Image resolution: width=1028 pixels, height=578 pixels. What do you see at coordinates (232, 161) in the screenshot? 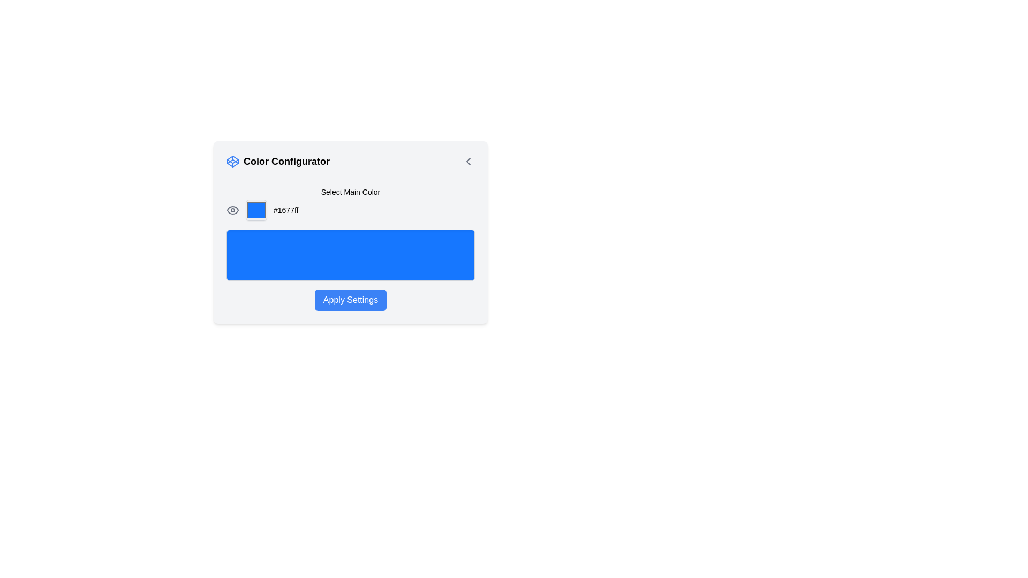
I see `the SVG icon resembling the Codepen logo, which is located to the left of the 'Color Configurator' text in the header area of the panel` at bounding box center [232, 161].